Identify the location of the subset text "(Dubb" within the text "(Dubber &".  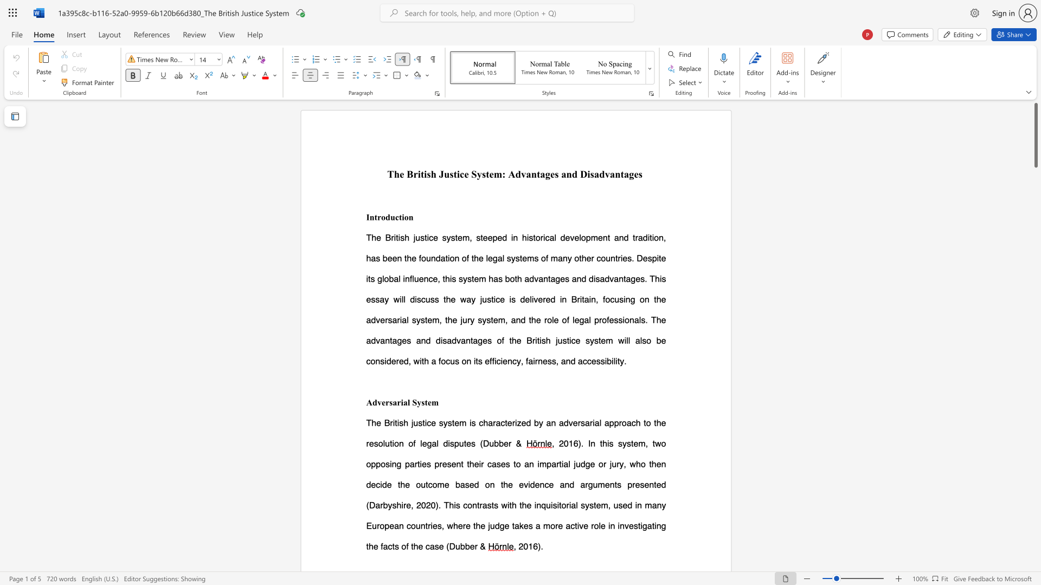
(446, 546).